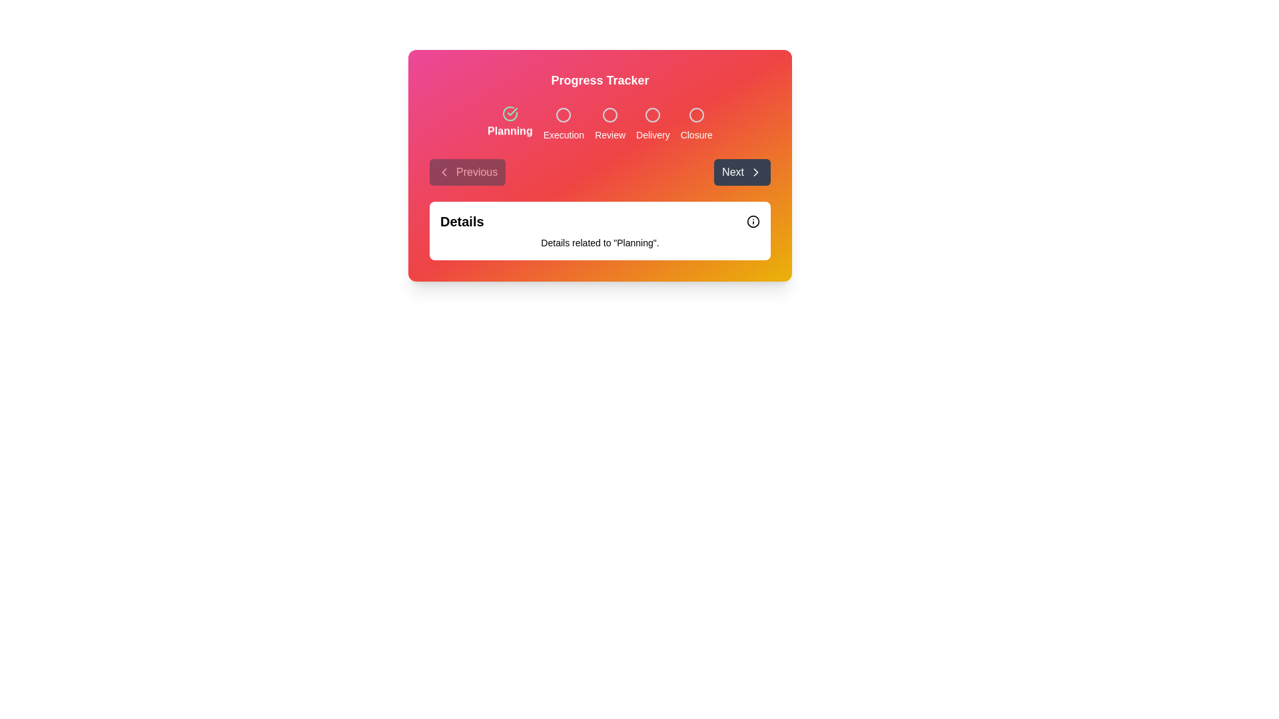  I want to click on the circular green icon with a checkmark, which is the first icon in the progress tracker located above the text 'Planning', so click(509, 113).